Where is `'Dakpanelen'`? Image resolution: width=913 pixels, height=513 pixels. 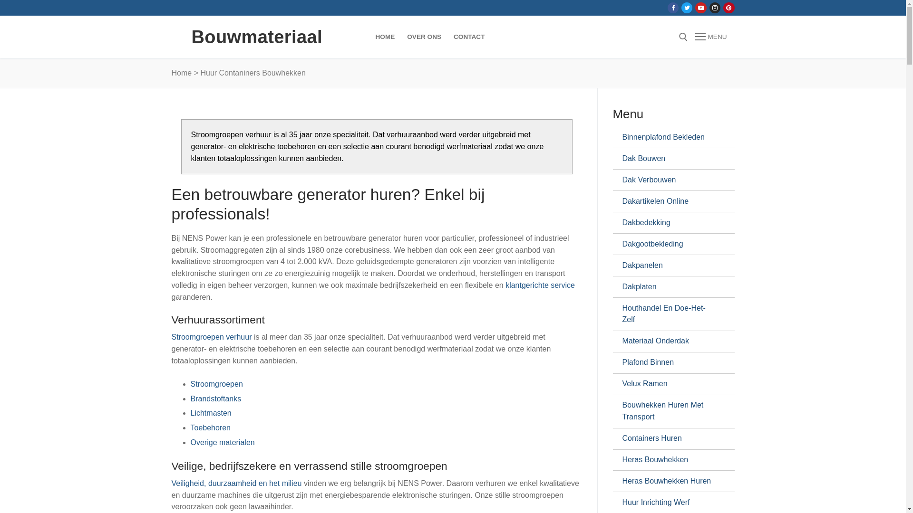
'Dakpanelen' is located at coordinates (669, 266).